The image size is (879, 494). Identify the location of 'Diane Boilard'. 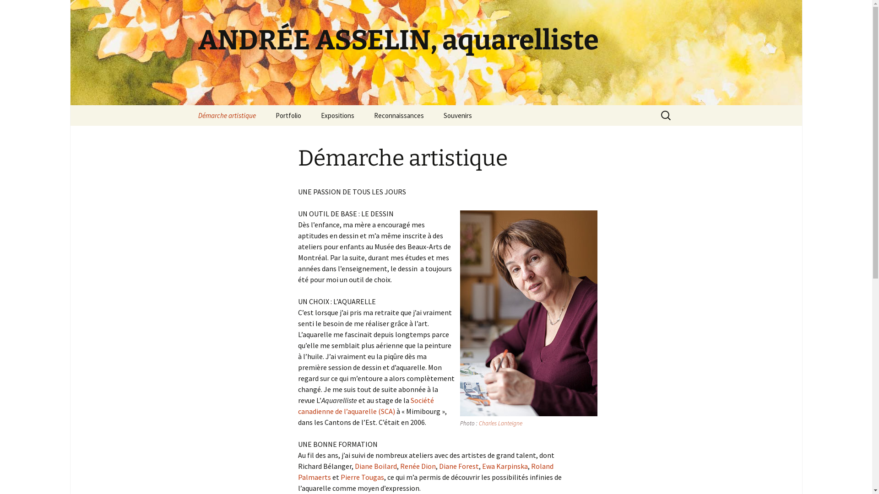
(375, 466).